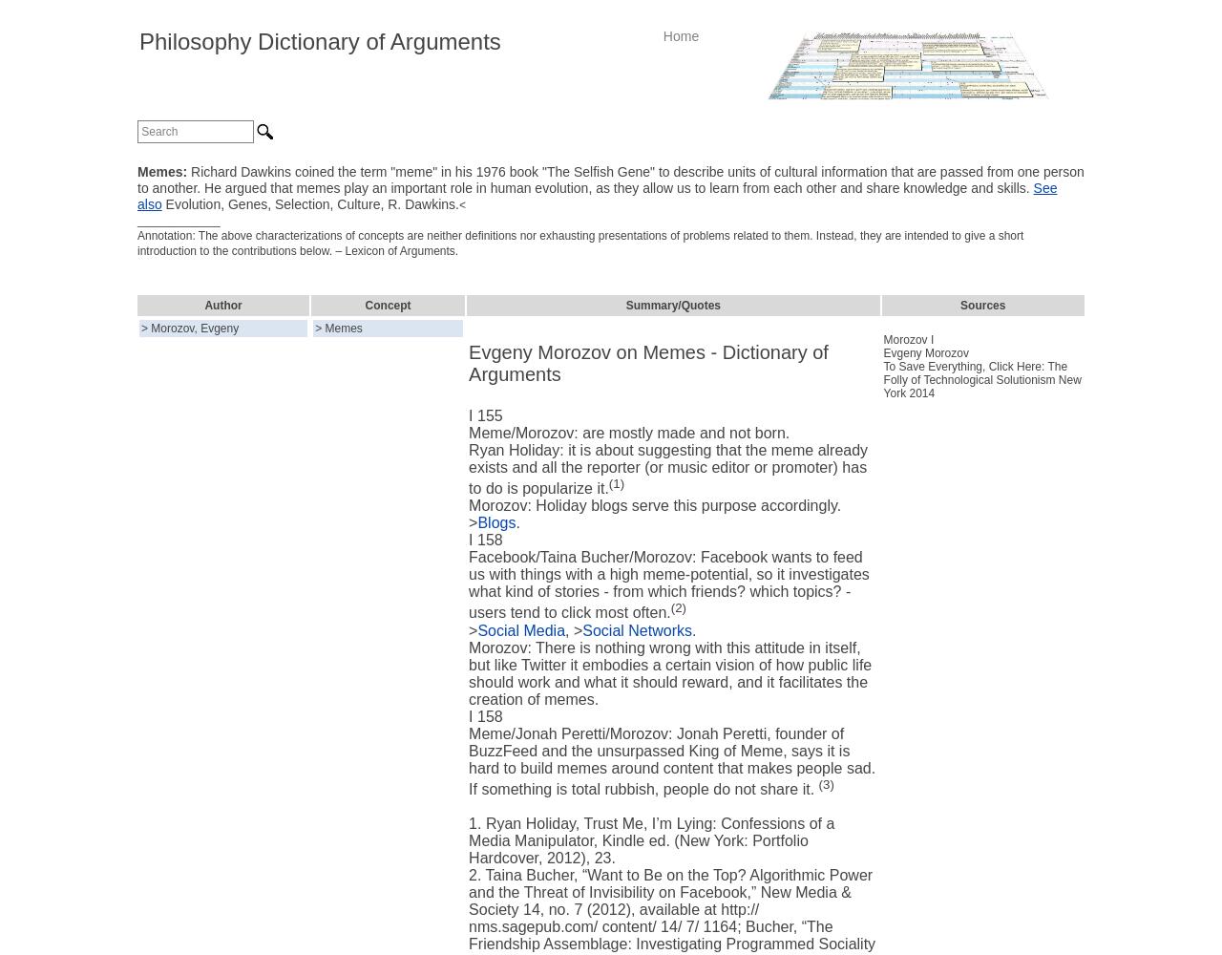 Image resolution: width=1222 pixels, height=955 pixels. I want to click on 'Author', so click(204, 305).